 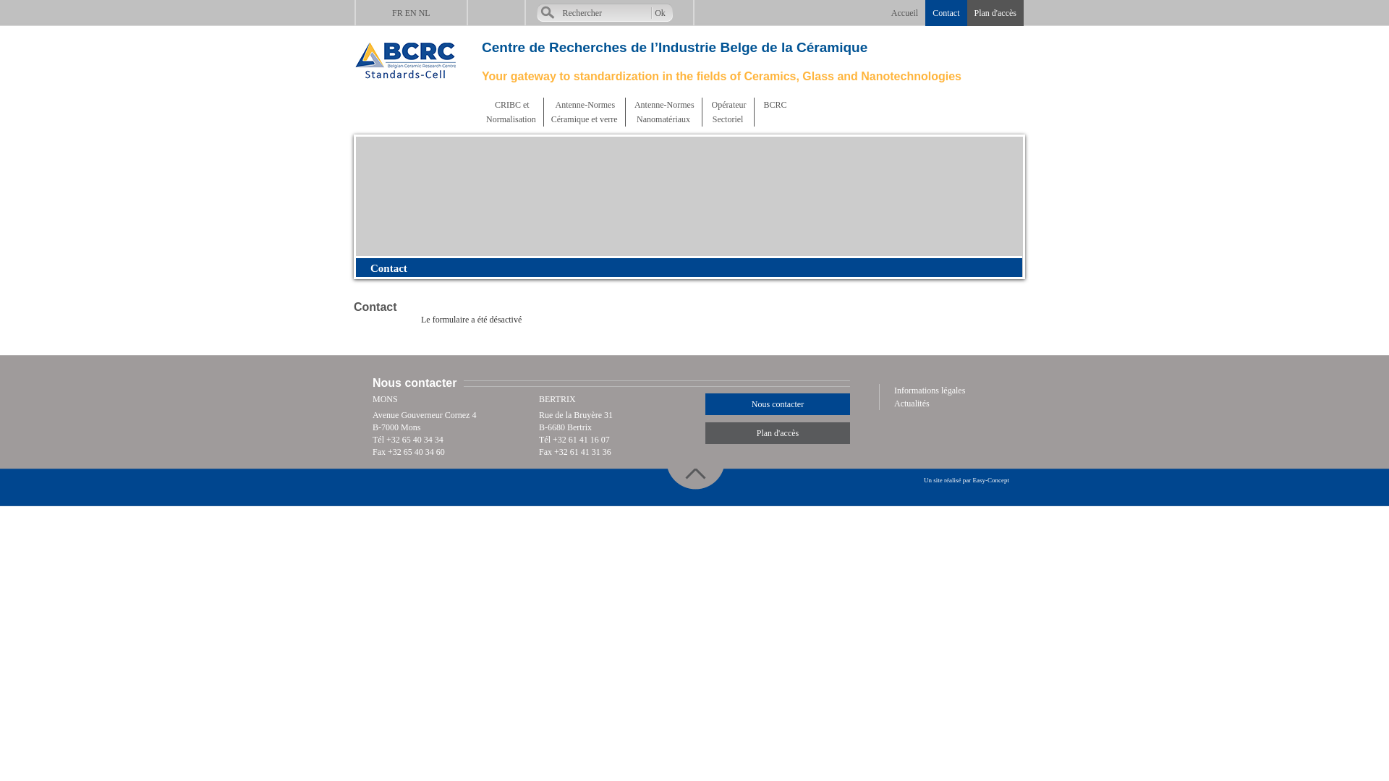 What do you see at coordinates (397, 13) in the screenshot?
I see `'FR'` at bounding box center [397, 13].